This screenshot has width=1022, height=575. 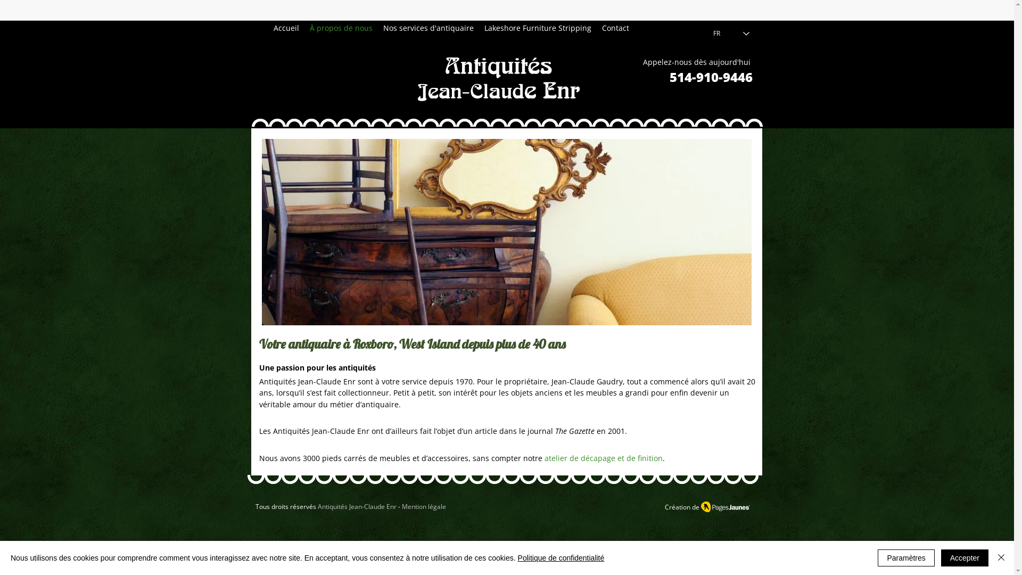 I want to click on 'Contact', so click(x=615, y=28).